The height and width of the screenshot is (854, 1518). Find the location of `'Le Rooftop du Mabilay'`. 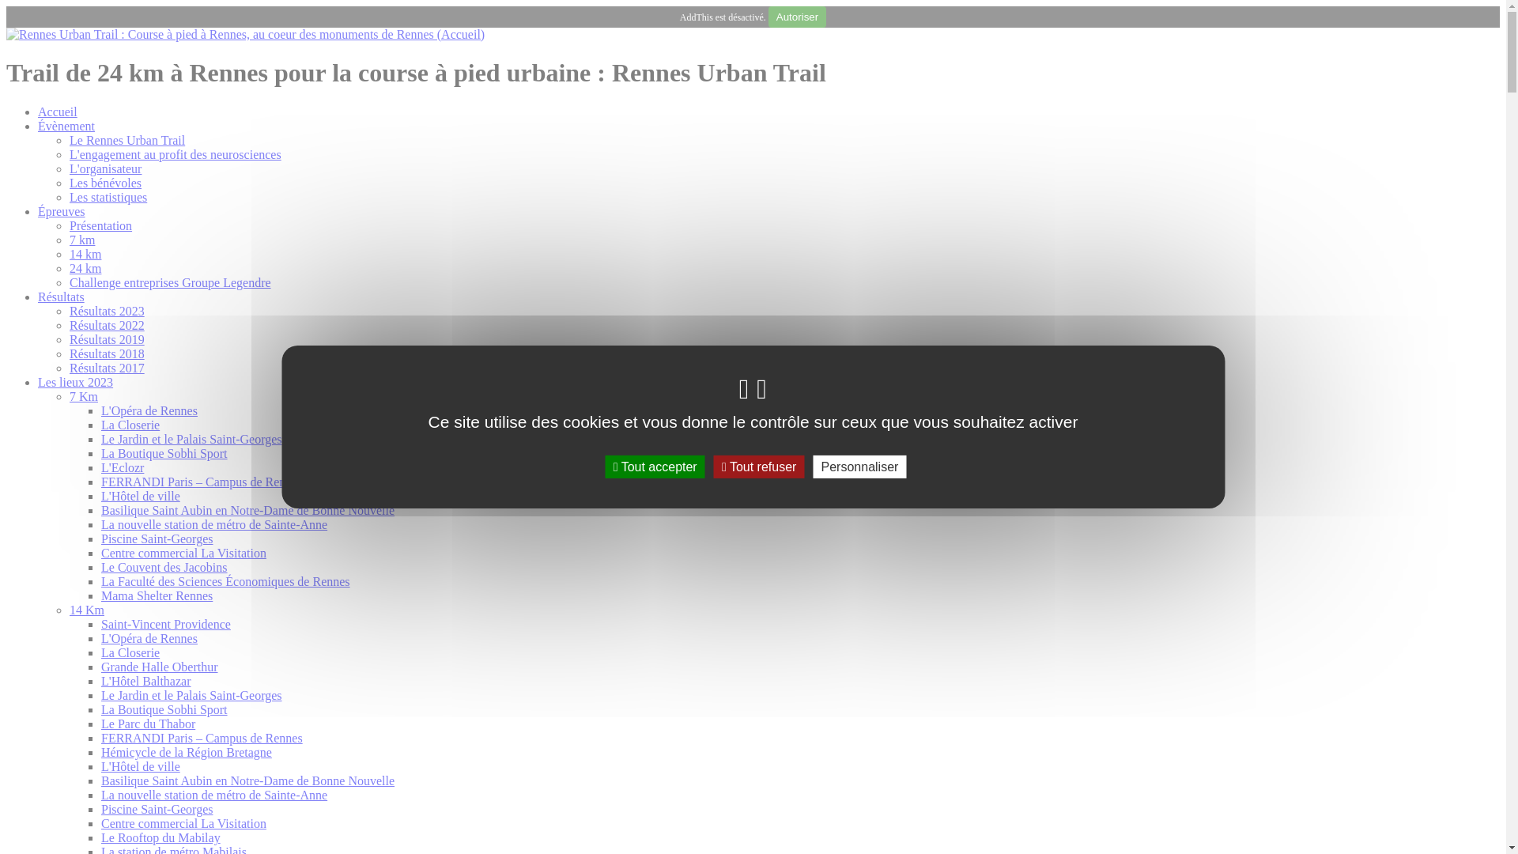

'Le Rooftop du Mabilay' is located at coordinates (160, 837).